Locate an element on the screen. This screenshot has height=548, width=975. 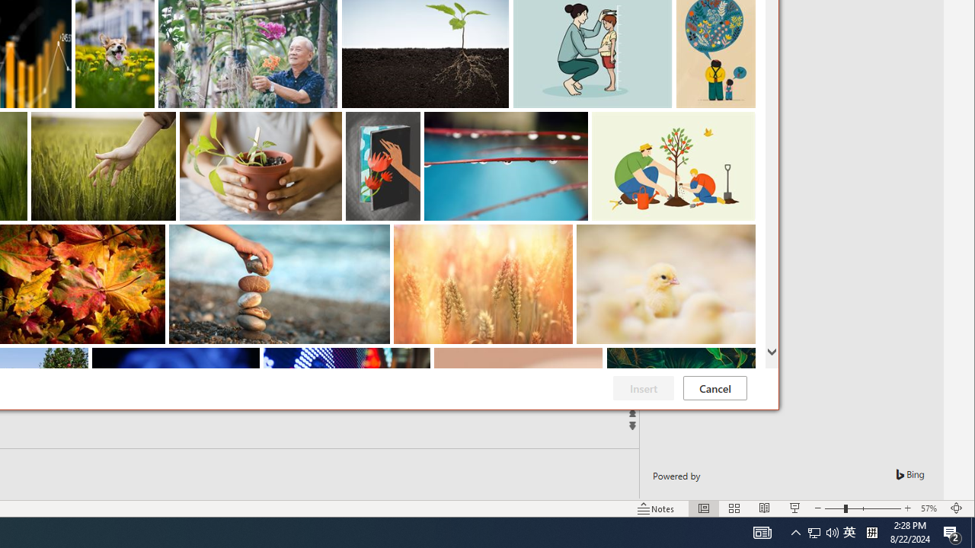
'Q2790: 100%' is located at coordinates (822, 531).